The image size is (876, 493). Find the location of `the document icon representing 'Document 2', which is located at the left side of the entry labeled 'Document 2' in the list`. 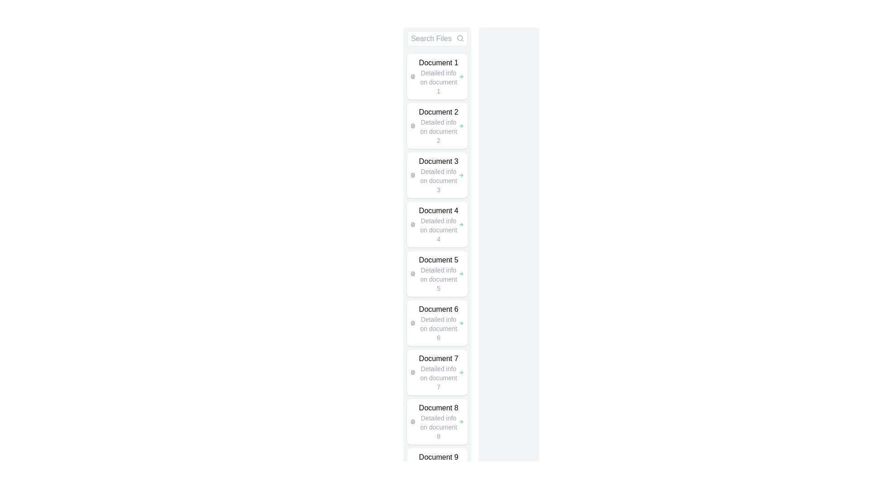

the document icon representing 'Document 2', which is located at the left side of the entry labeled 'Document 2' in the list is located at coordinates (412, 126).